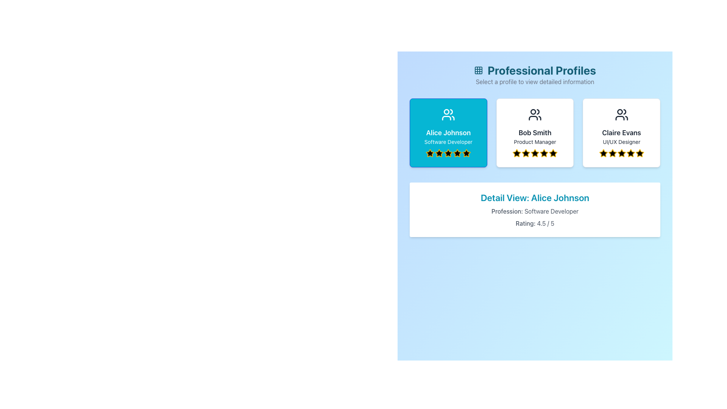 This screenshot has height=409, width=727. Describe the element at coordinates (621, 115) in the screenshot. I see `the profile icon representing 'Claire Evans', which is located at the top of the third profile card from the left, above the name and profession text` at that location.